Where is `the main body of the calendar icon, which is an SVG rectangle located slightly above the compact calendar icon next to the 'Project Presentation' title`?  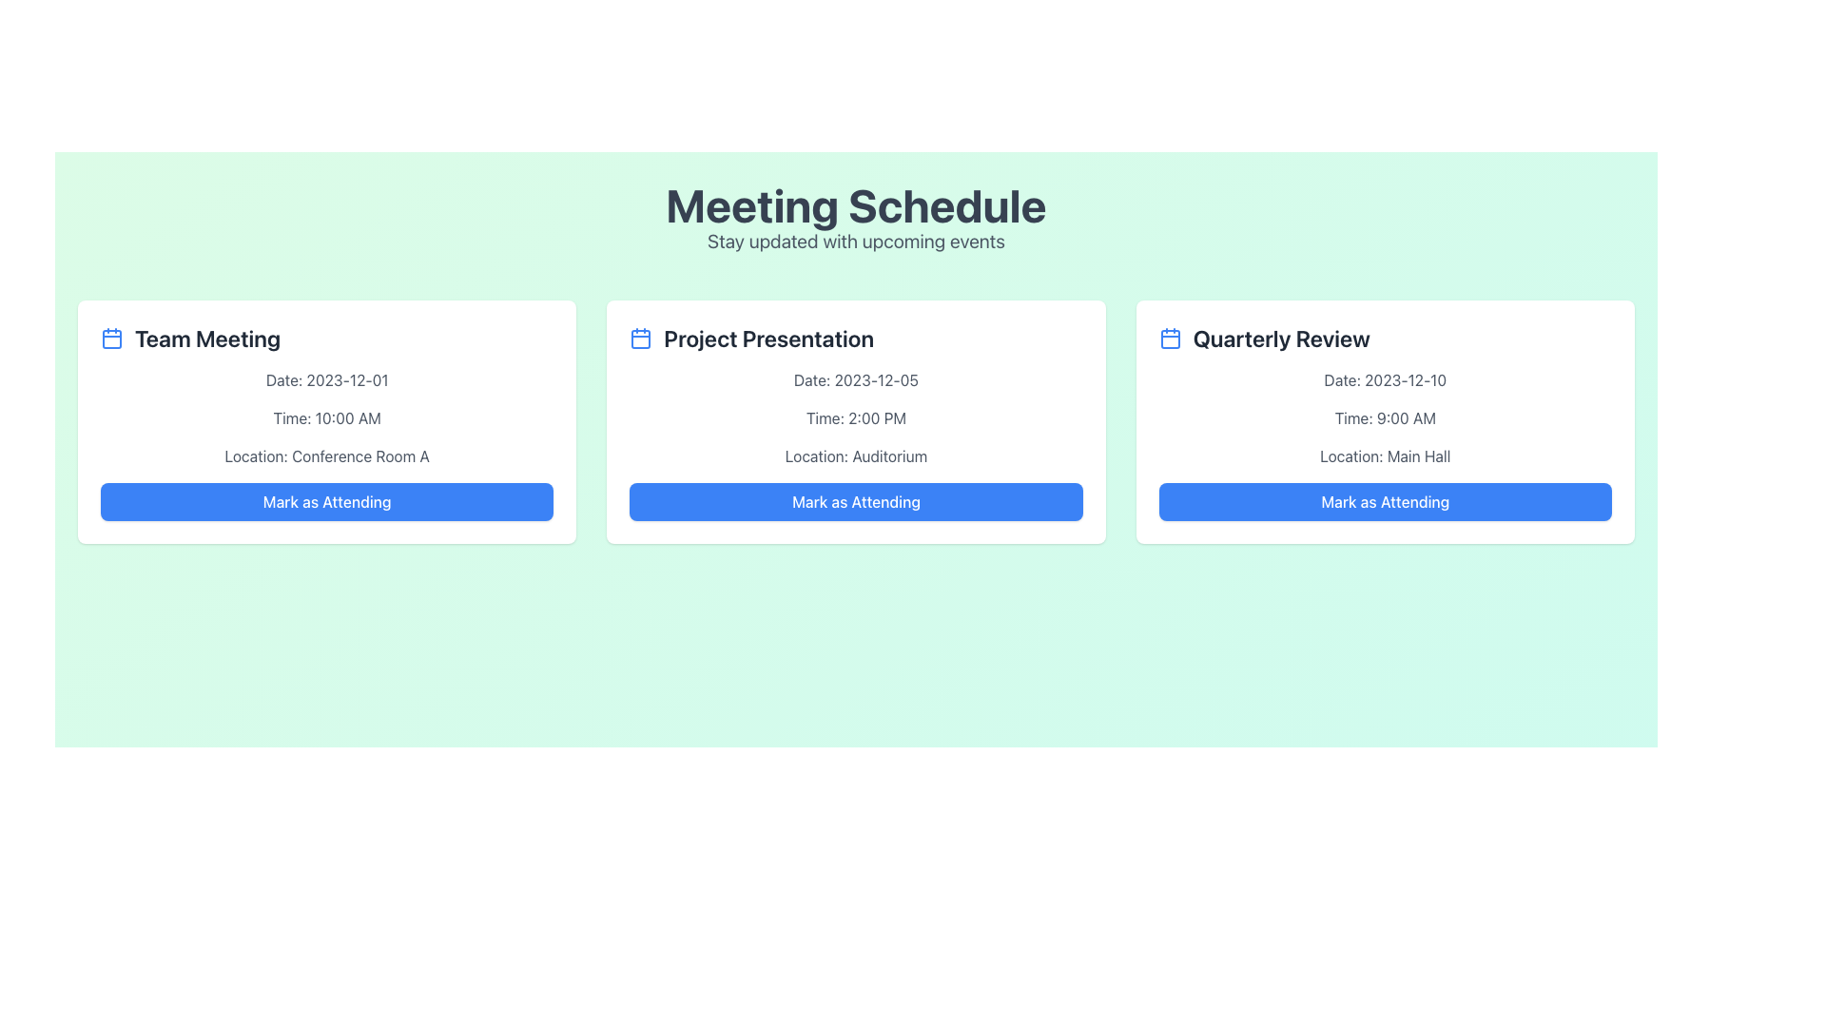 the main body of the calendar icon, which is an SVG rectangle located slightly above the compact calendar icon next to the 'Project Presentation' title is located at coordinates (641, 339).